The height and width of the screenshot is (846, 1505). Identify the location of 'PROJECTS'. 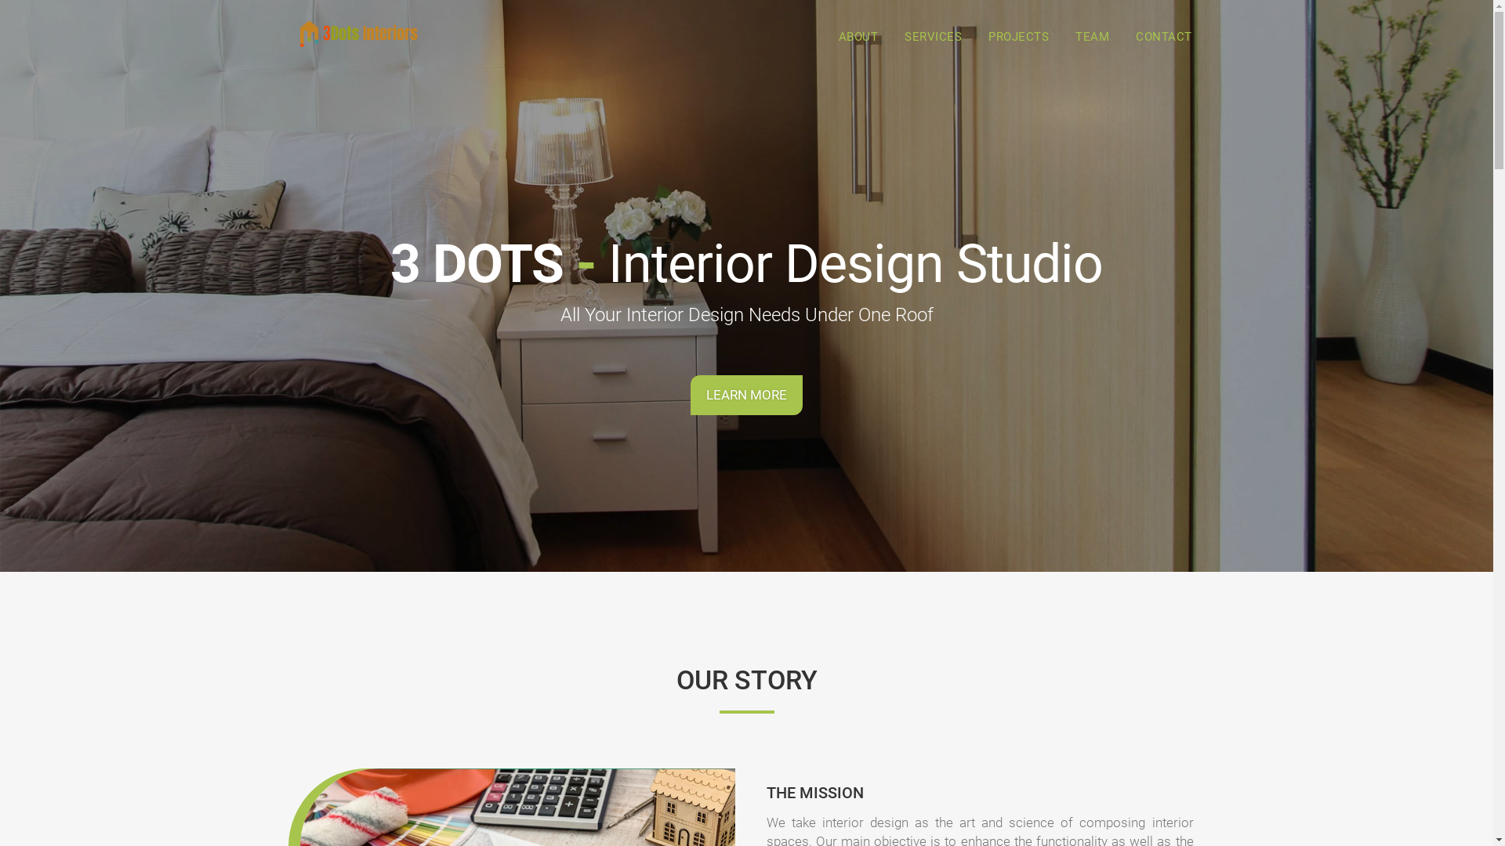
(1018, 35).